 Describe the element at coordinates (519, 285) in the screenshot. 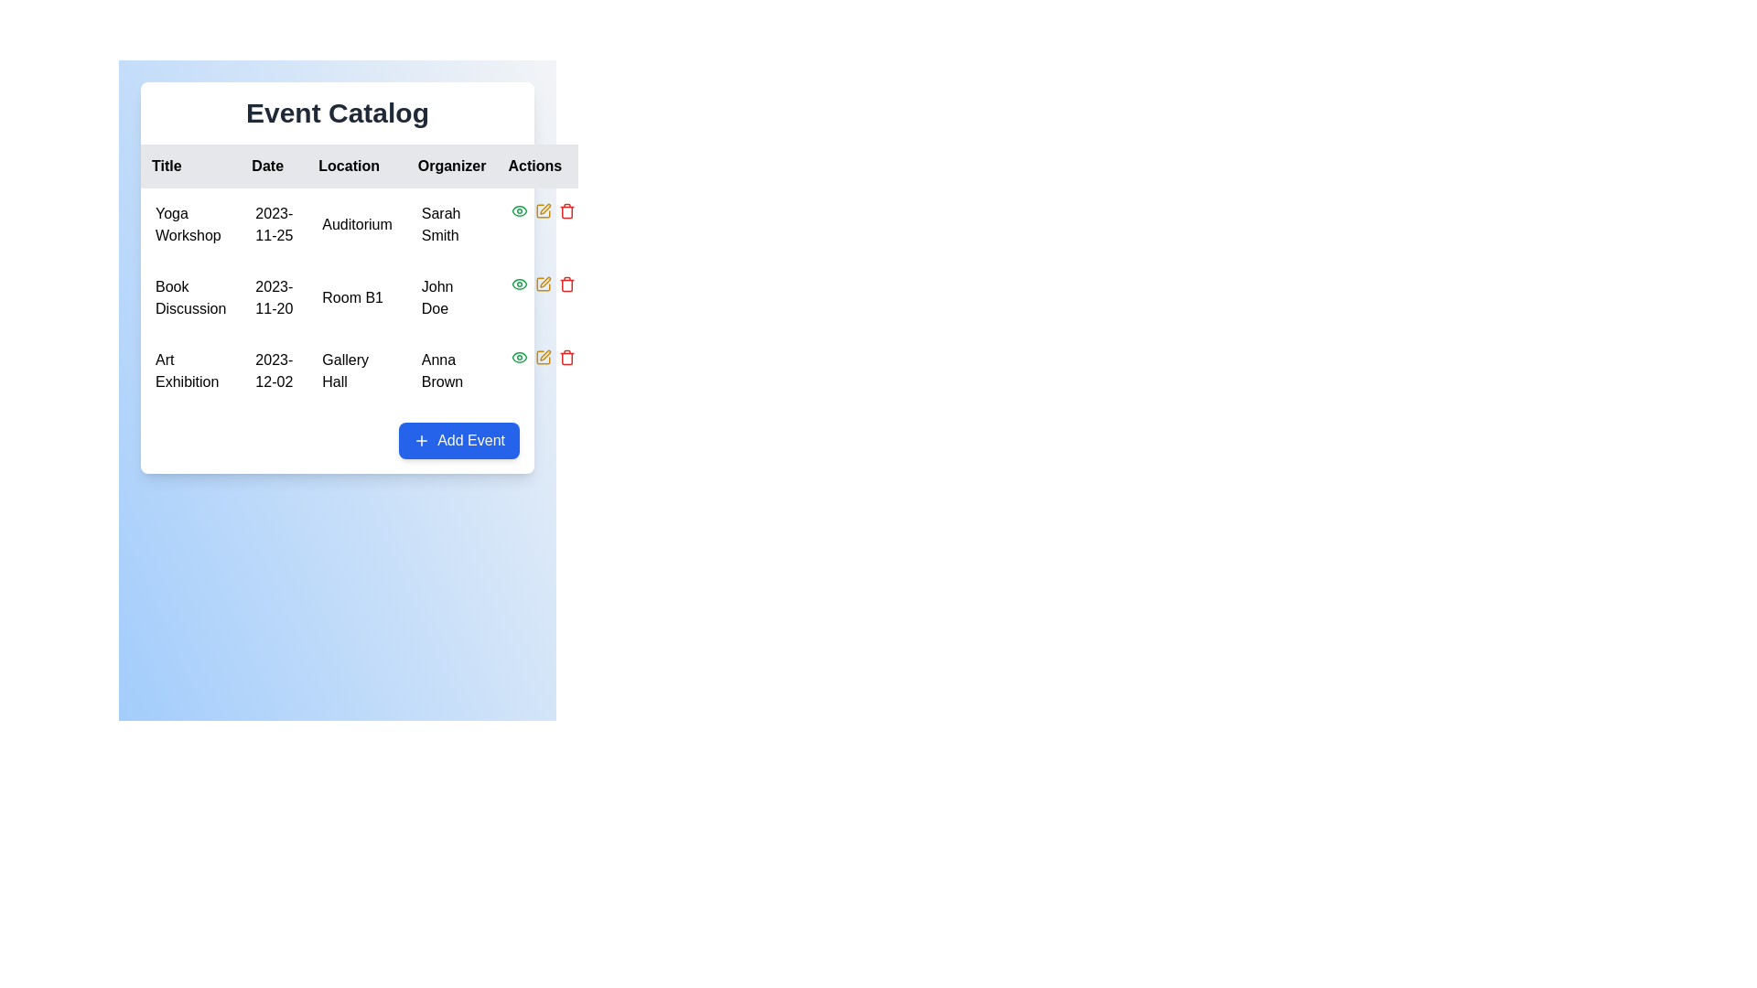

I see `the visibility icon button located in the 'Actions' column of the second row in the event table` at that location.